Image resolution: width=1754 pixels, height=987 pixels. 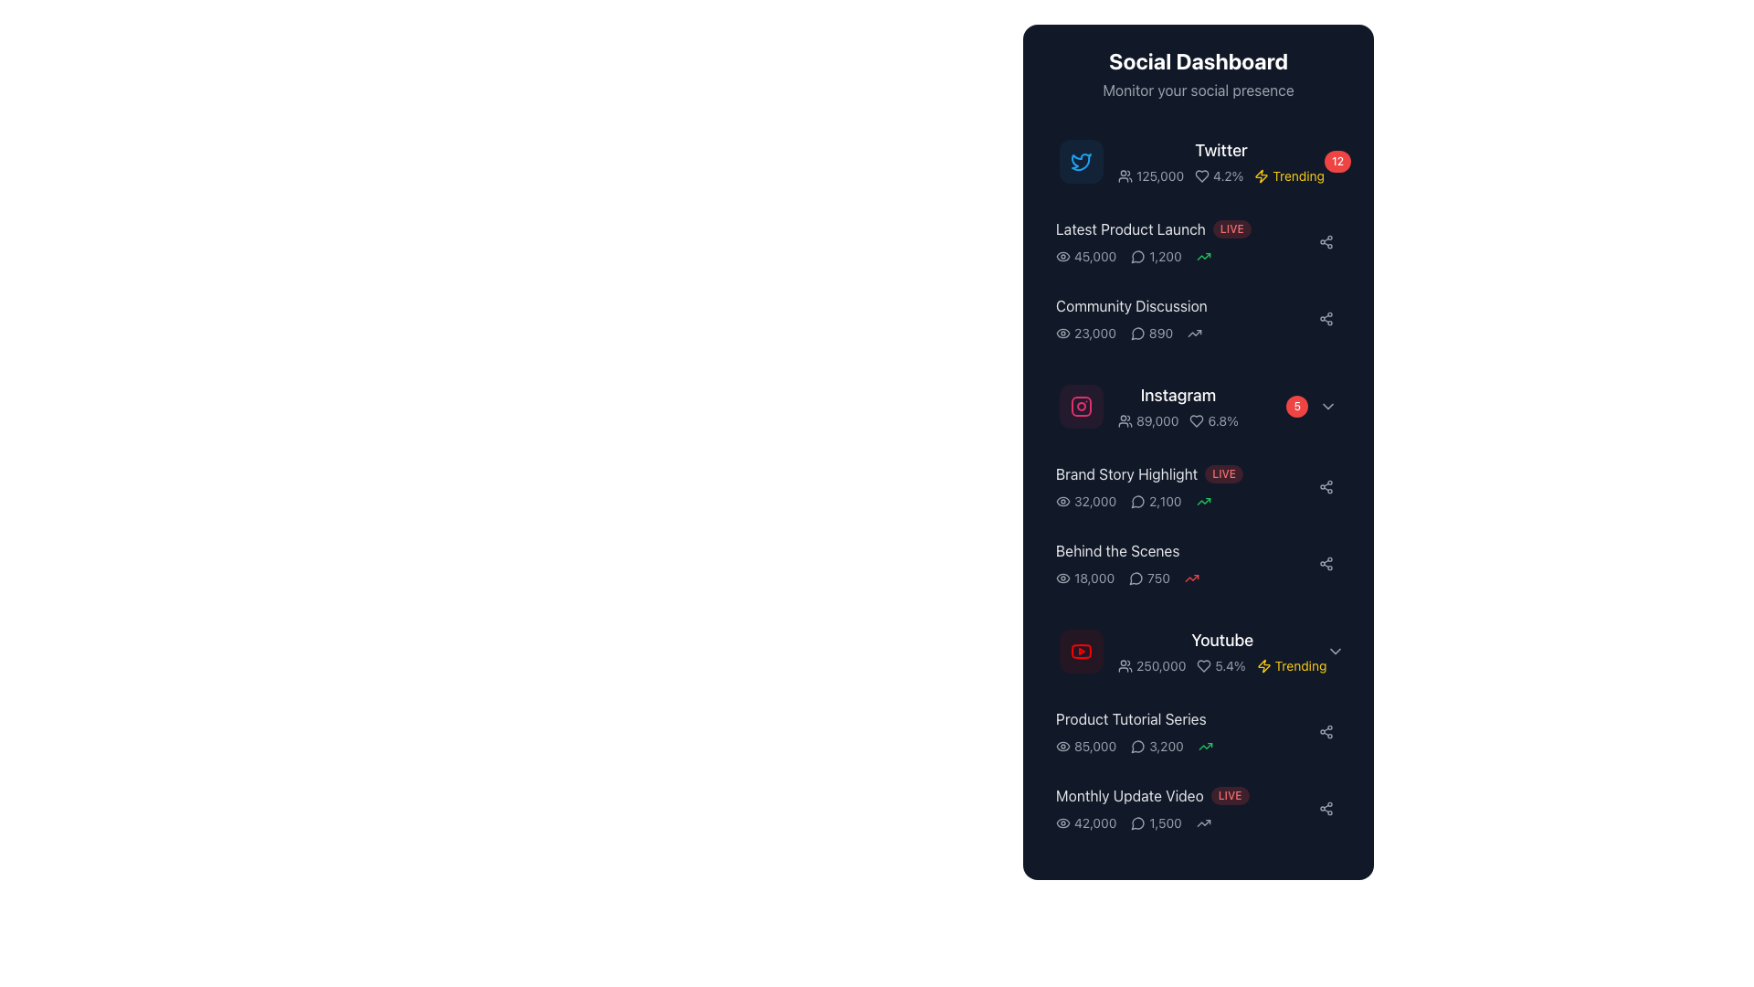 What do you see at coordinates (1198, 731) in the screenshot?
I see `the statistics for the 'Product Tutorial Series' list item, which is the sixth item in the media-related sections, located below the 'Youtube' section and above the 'Monthly Update Video'` at bounding box center [1198, 731].